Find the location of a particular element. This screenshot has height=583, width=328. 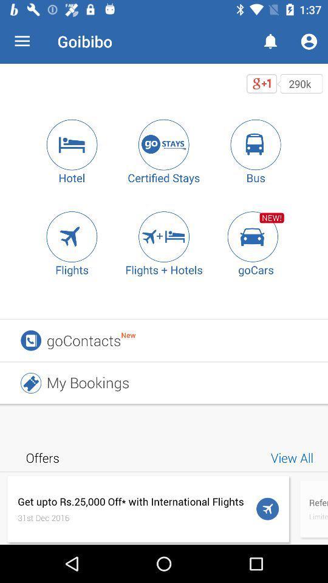

the icon next to the flights + hotels is located at coordinates (255, 236).